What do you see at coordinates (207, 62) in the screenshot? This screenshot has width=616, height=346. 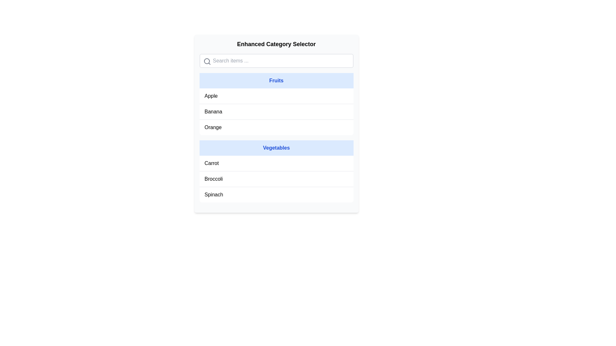 I see `the magnifying glass icon, which is styled with a thin stroke and positioned inside the search bar input field, aligned to the left` at bounding box center [207, 62].